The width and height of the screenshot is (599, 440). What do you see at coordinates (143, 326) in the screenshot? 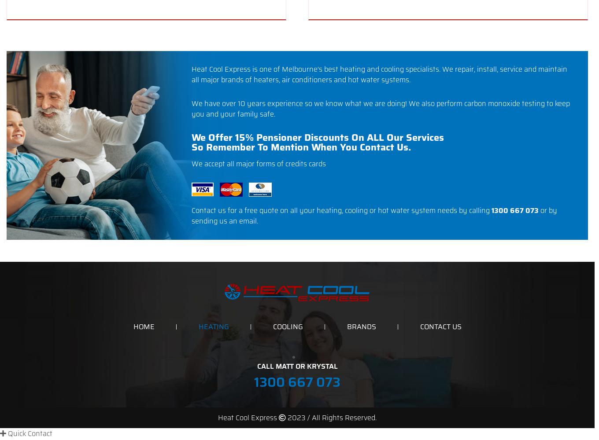
I see `'Home'` at bounding box center [143, 326].